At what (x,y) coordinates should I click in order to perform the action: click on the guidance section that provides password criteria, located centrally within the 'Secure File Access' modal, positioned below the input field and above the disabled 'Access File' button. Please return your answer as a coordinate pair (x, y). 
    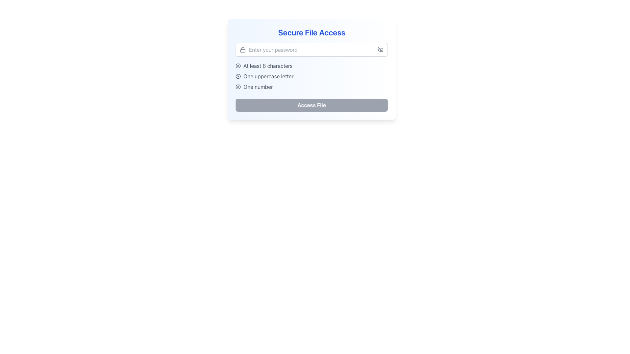
    Looking at the image, I should click on (311, 76).